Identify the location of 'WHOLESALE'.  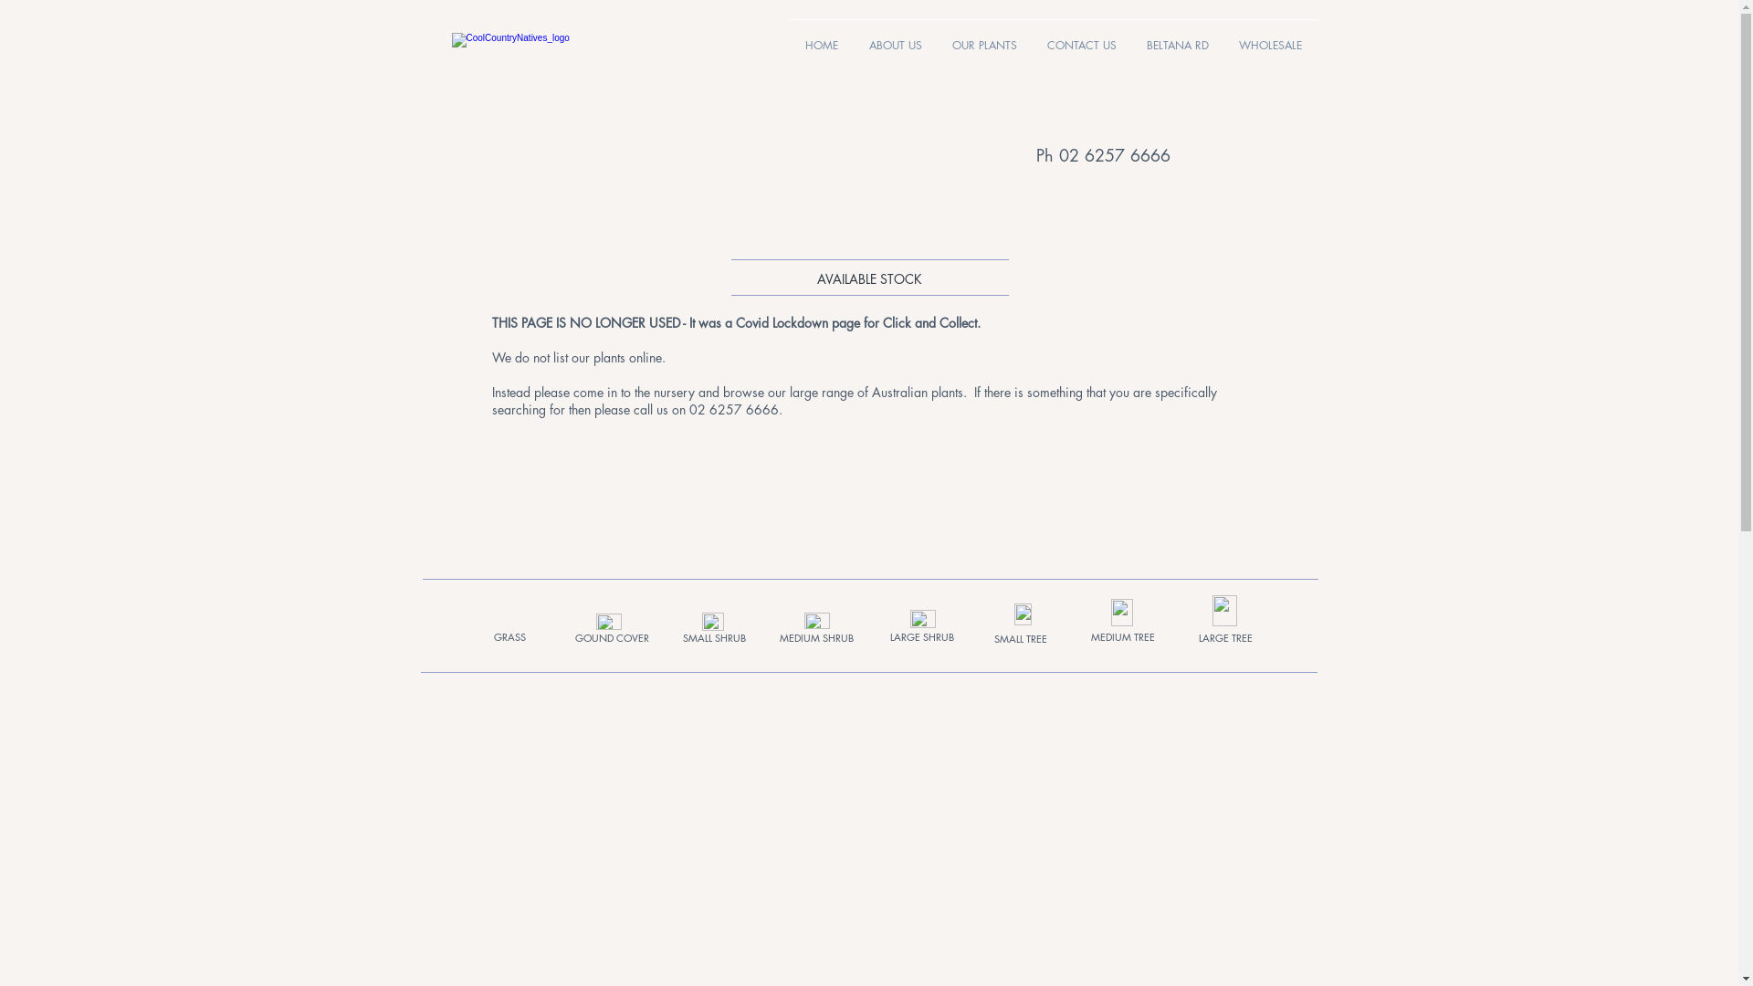
(1269, 37).